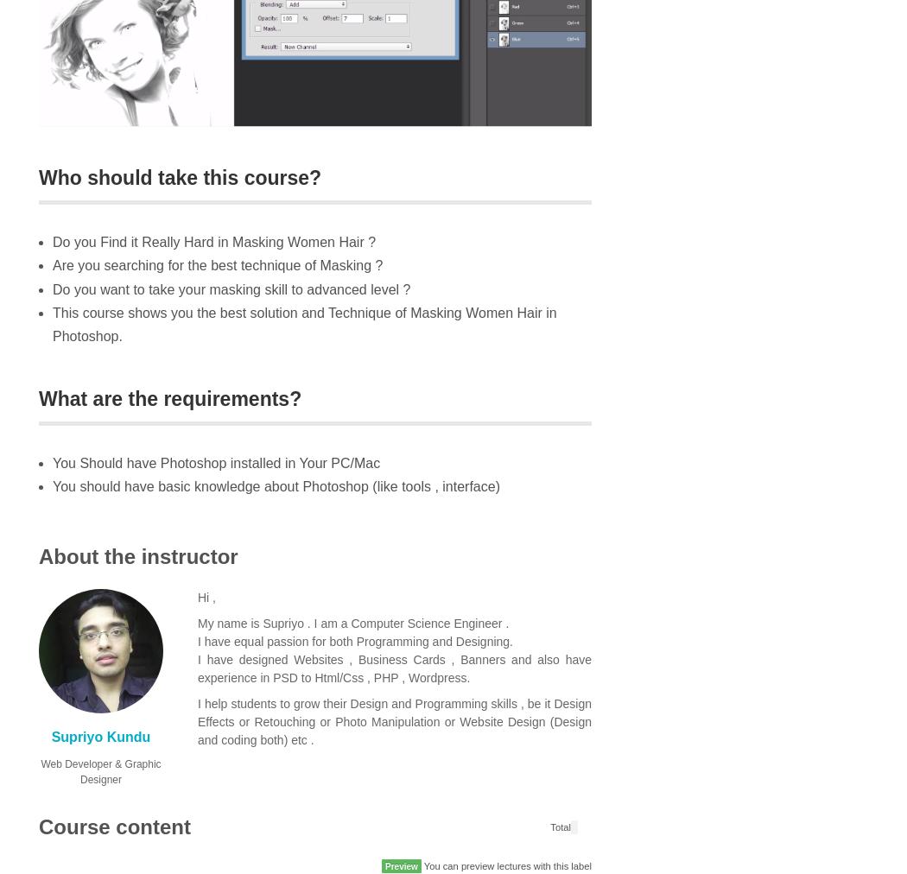  I want to click on 'Who should take this course?', so click(38, 178).